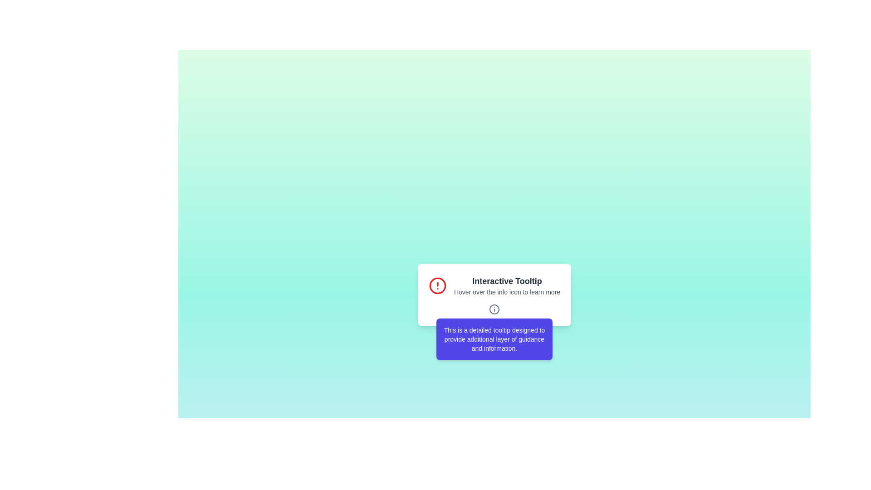  I want to click on warning icon located in the top-left area of the white card titled 'Interactive Tooltip' for visual cues, so click(437, 285).